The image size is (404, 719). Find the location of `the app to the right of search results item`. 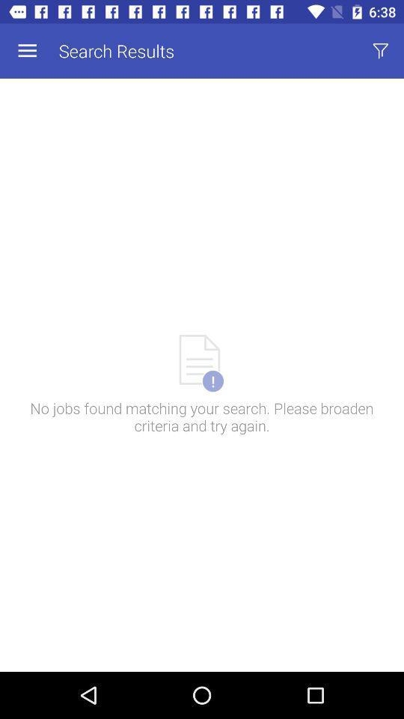

the app to the right of search results item is located at coordinates (380, 51).